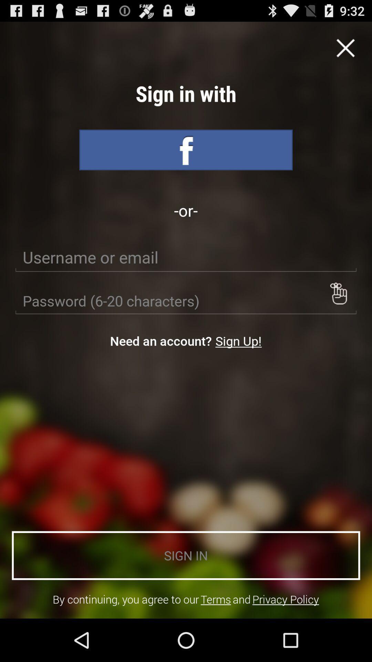 This screenshot has height=662, width=372. What do you see at coordinates (286, 599) in the screenshot?
I see `the privacy policy` at bounding box center [286, 599].